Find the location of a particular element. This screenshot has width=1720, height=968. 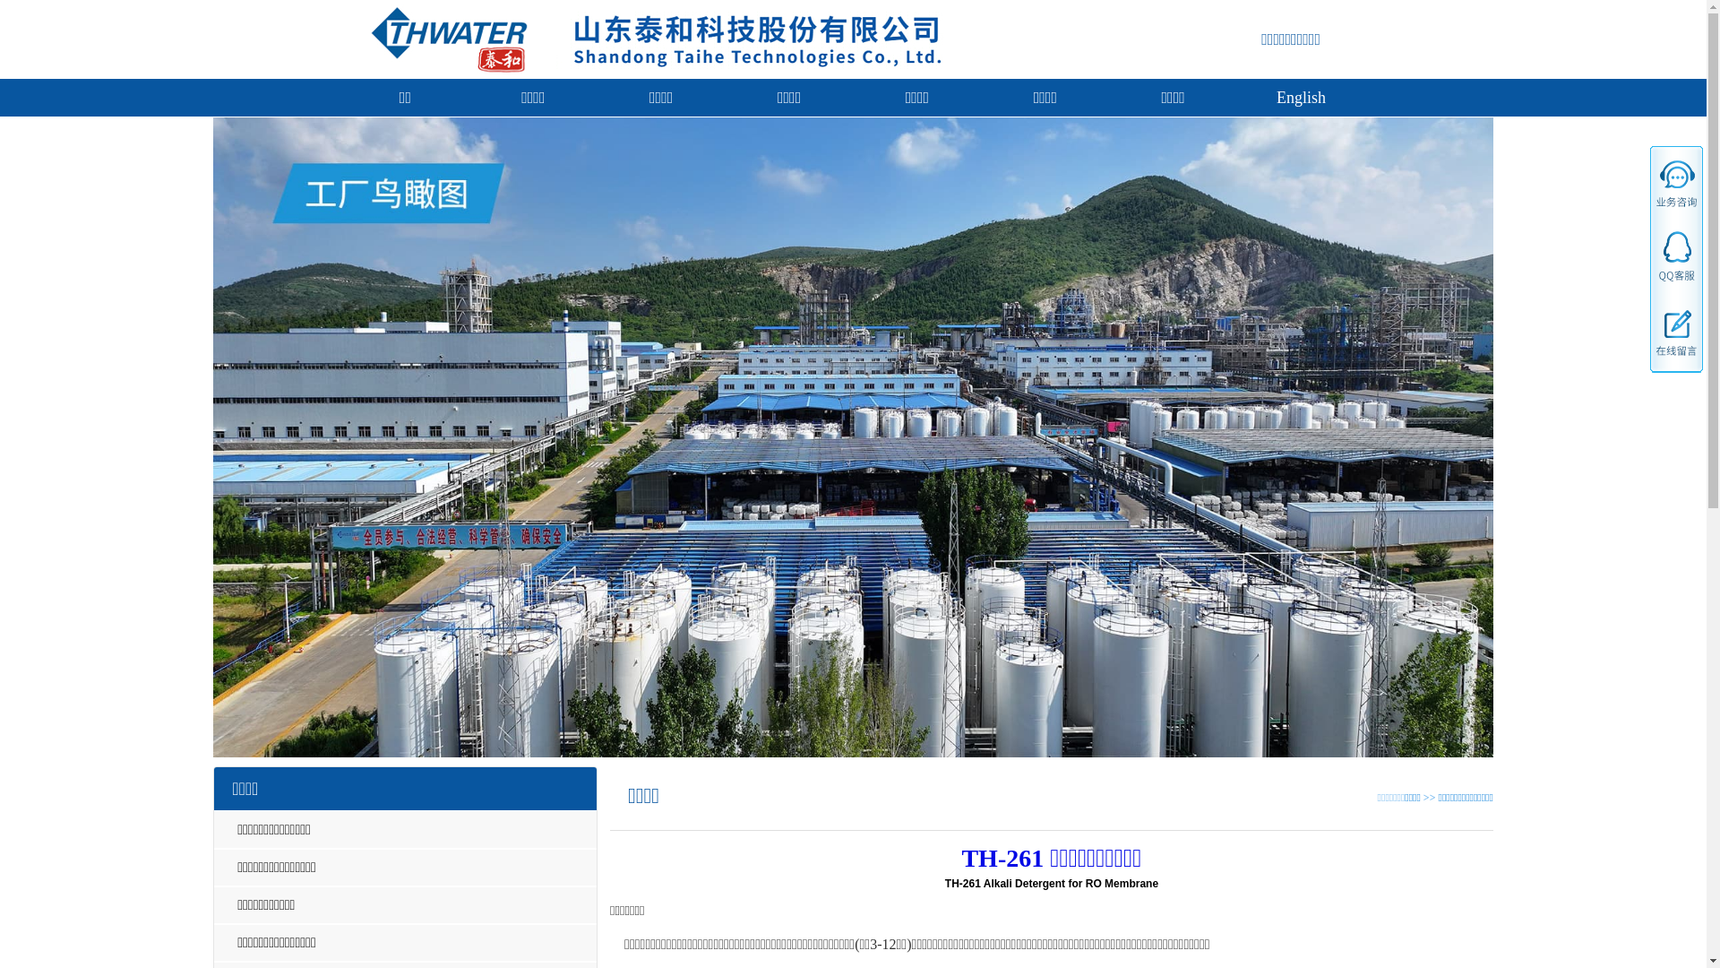

'English' is located at coordinates (1301, 97).